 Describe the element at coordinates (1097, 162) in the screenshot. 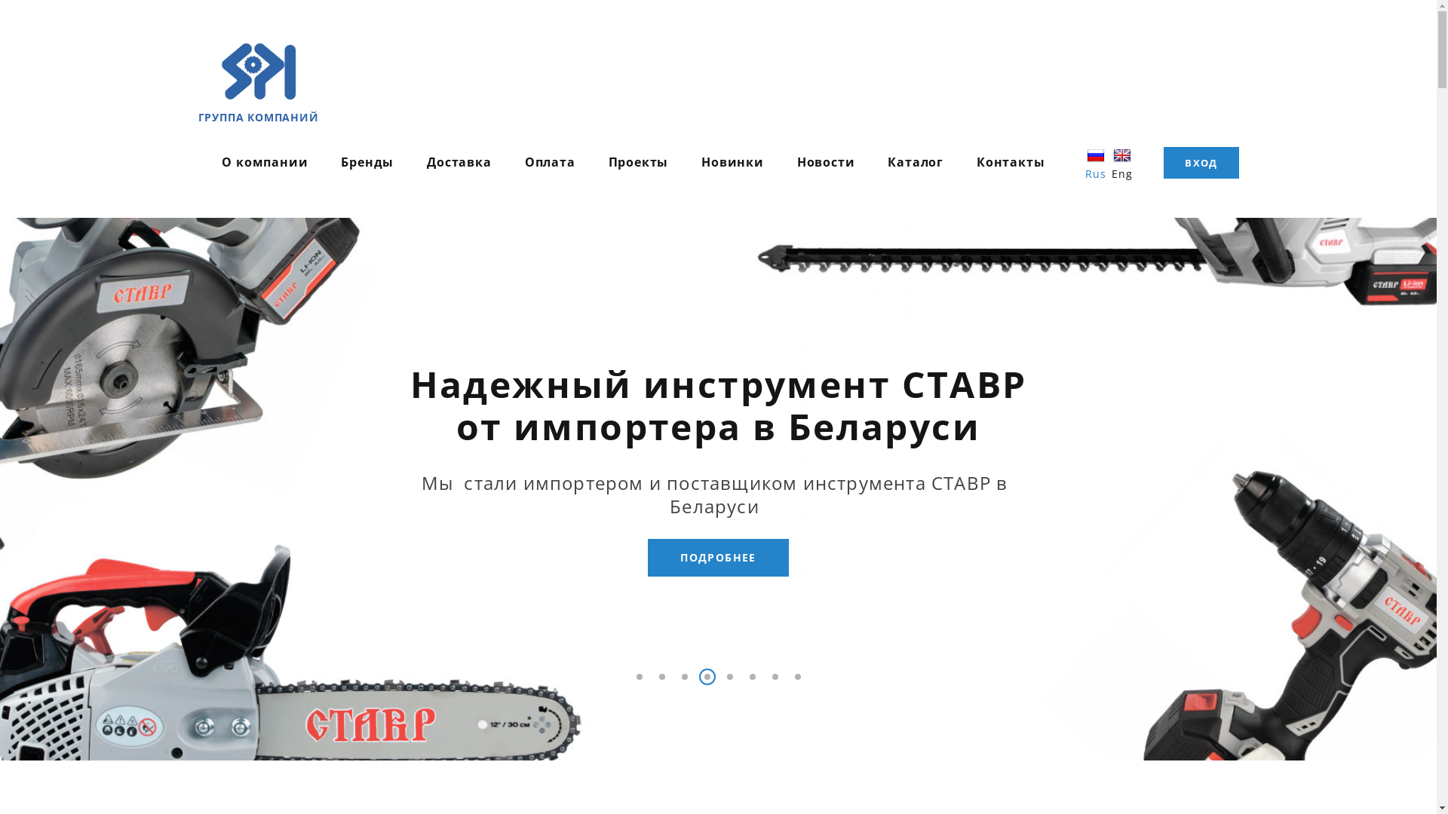

I see `'Rus'` at that location.